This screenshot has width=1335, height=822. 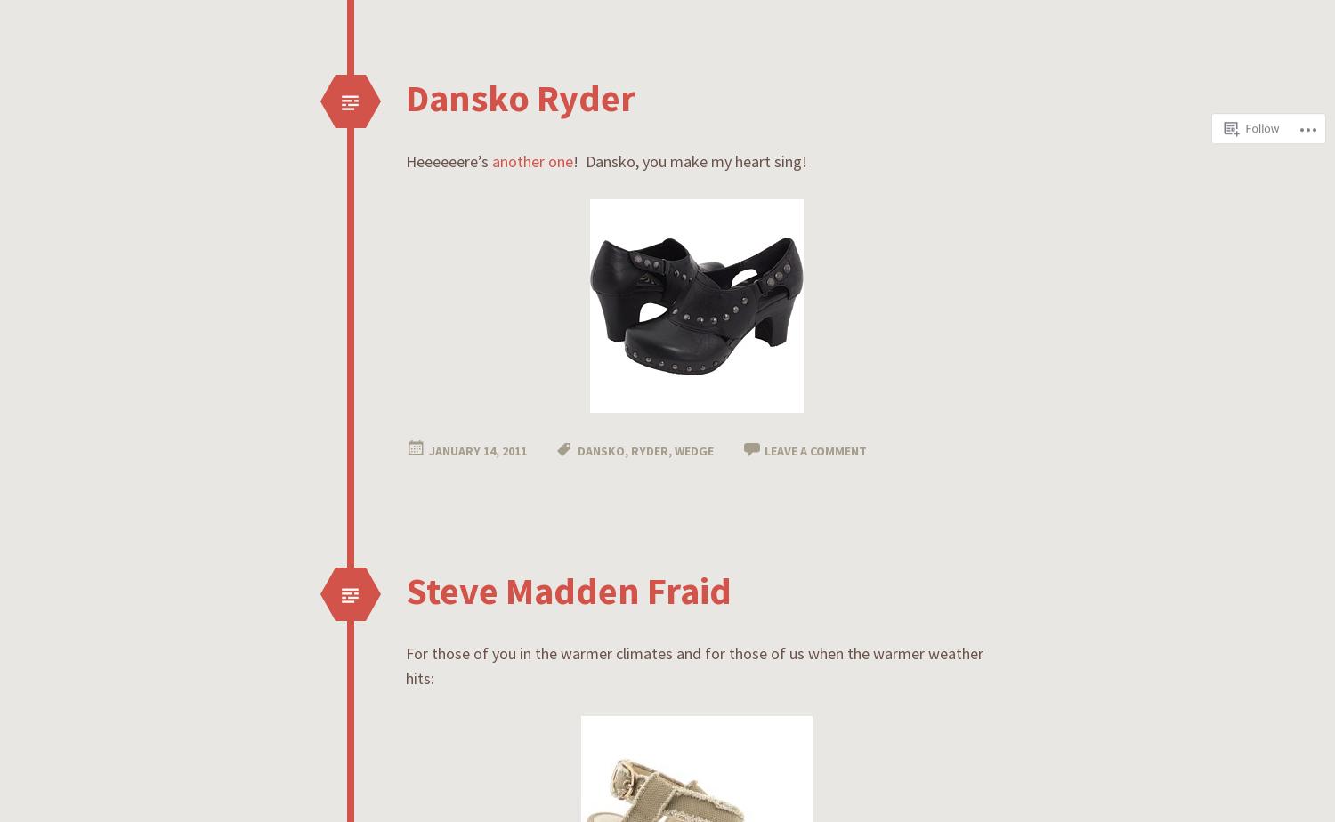 I want to click on 'Ryder', so click(x=630, y=449).